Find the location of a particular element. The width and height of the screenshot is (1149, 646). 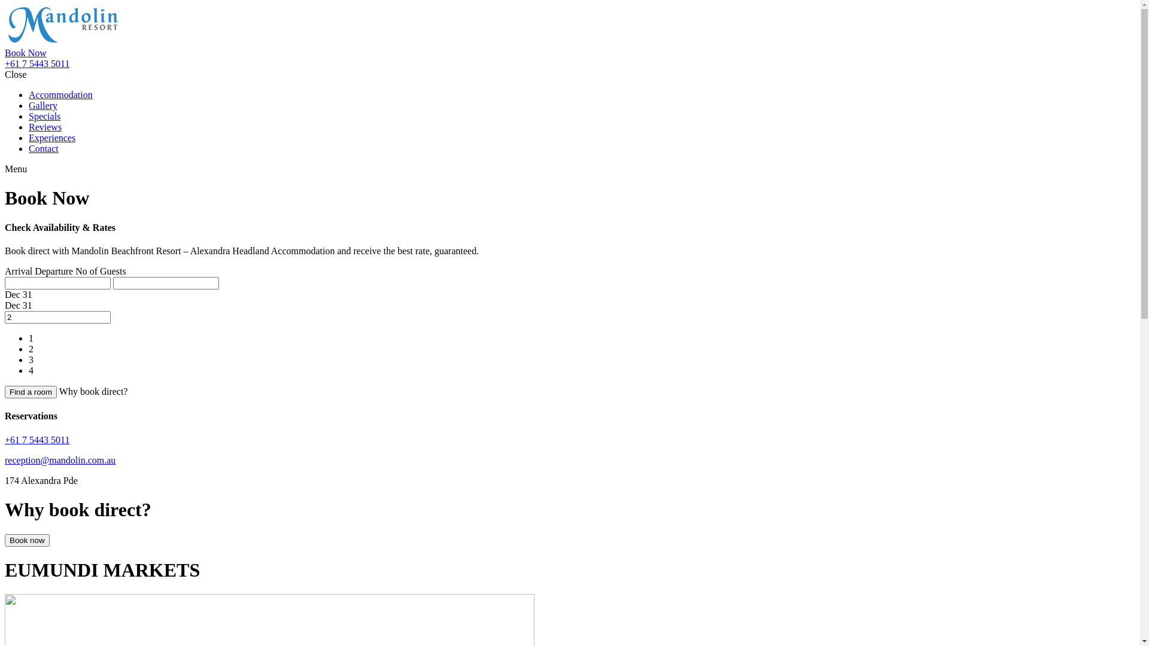

'Specials' is located at coordinates (44, 116).